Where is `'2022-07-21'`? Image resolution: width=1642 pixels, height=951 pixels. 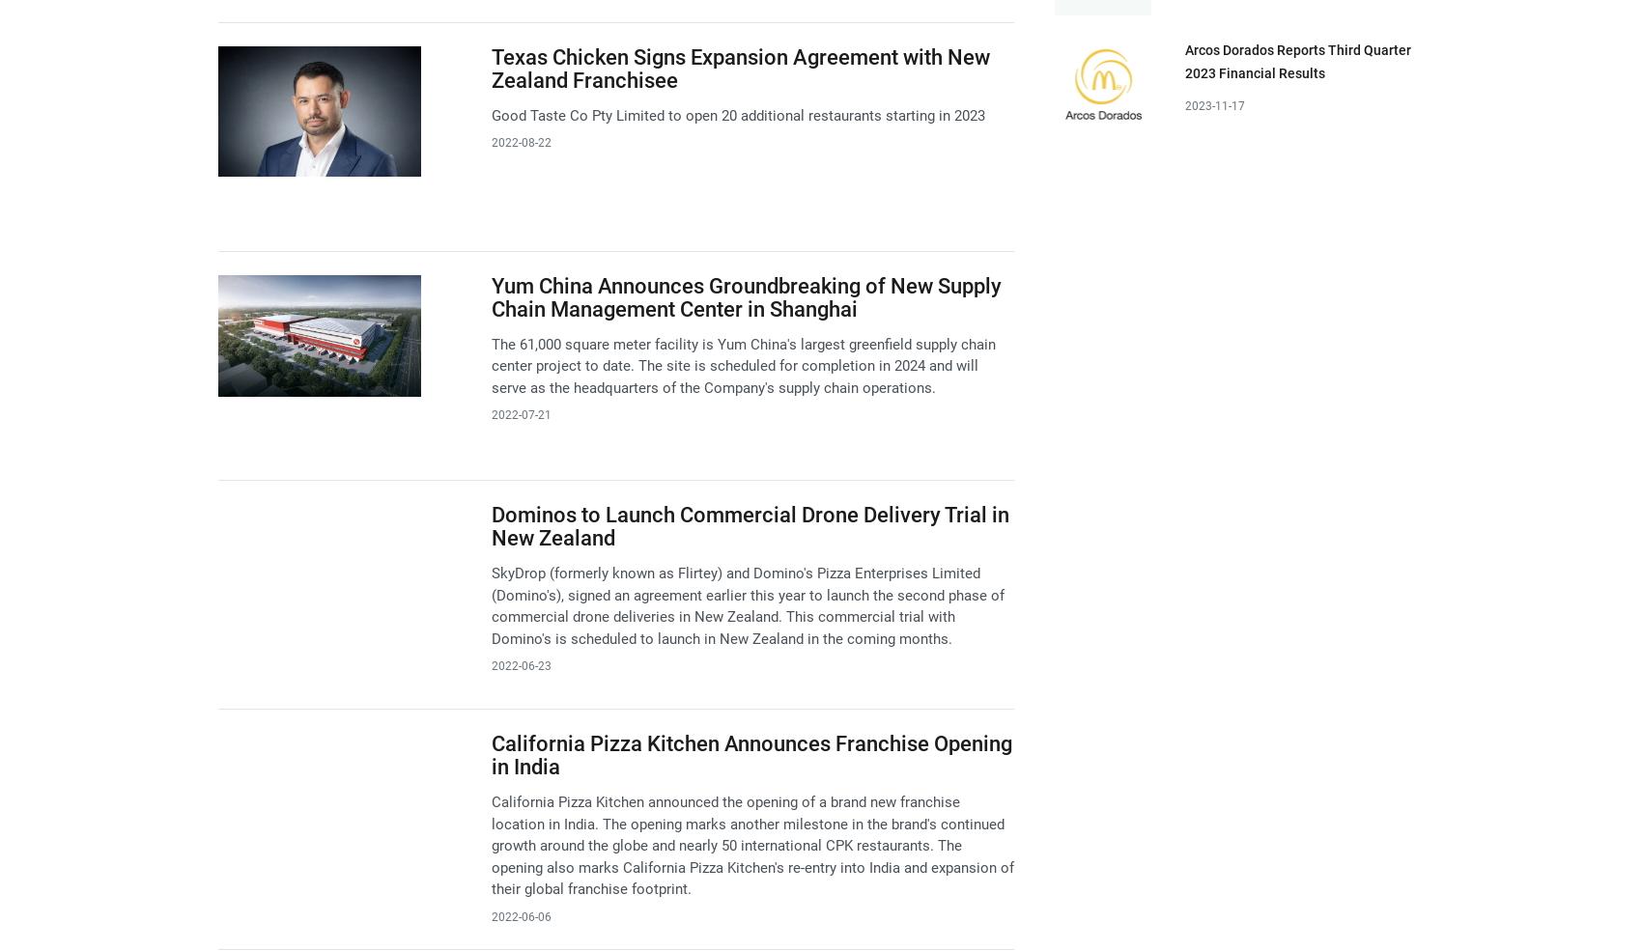
'2022-07-21' is located at coordinates (520, 413).